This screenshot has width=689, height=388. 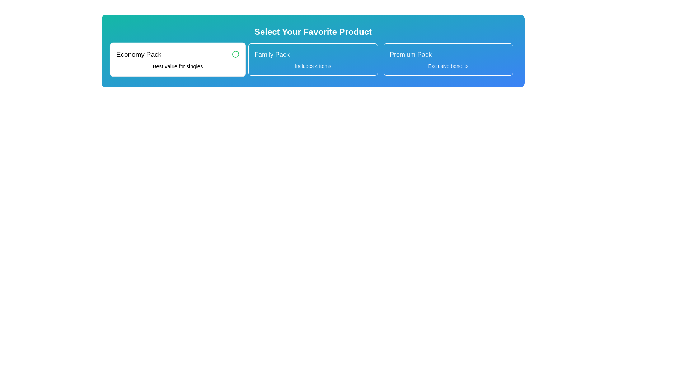 I want to click on label text of the first selectable option 'Economy Pack' located in the top left of the page, so click(x=139, y=54).